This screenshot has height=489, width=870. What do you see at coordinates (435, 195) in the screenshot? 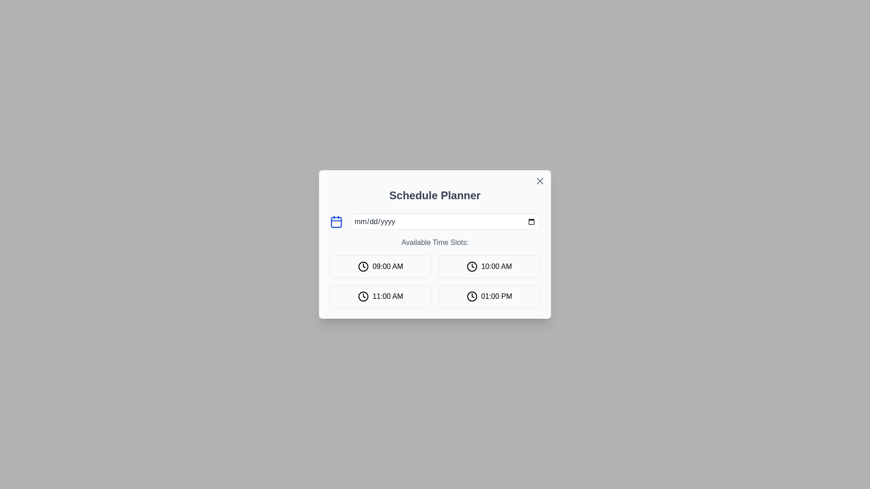
I see `the text label that serves as the title or header of the scheduling interface, which is positioned directly above the date picker field in the centered modal box` at bounding box center [435, 195].